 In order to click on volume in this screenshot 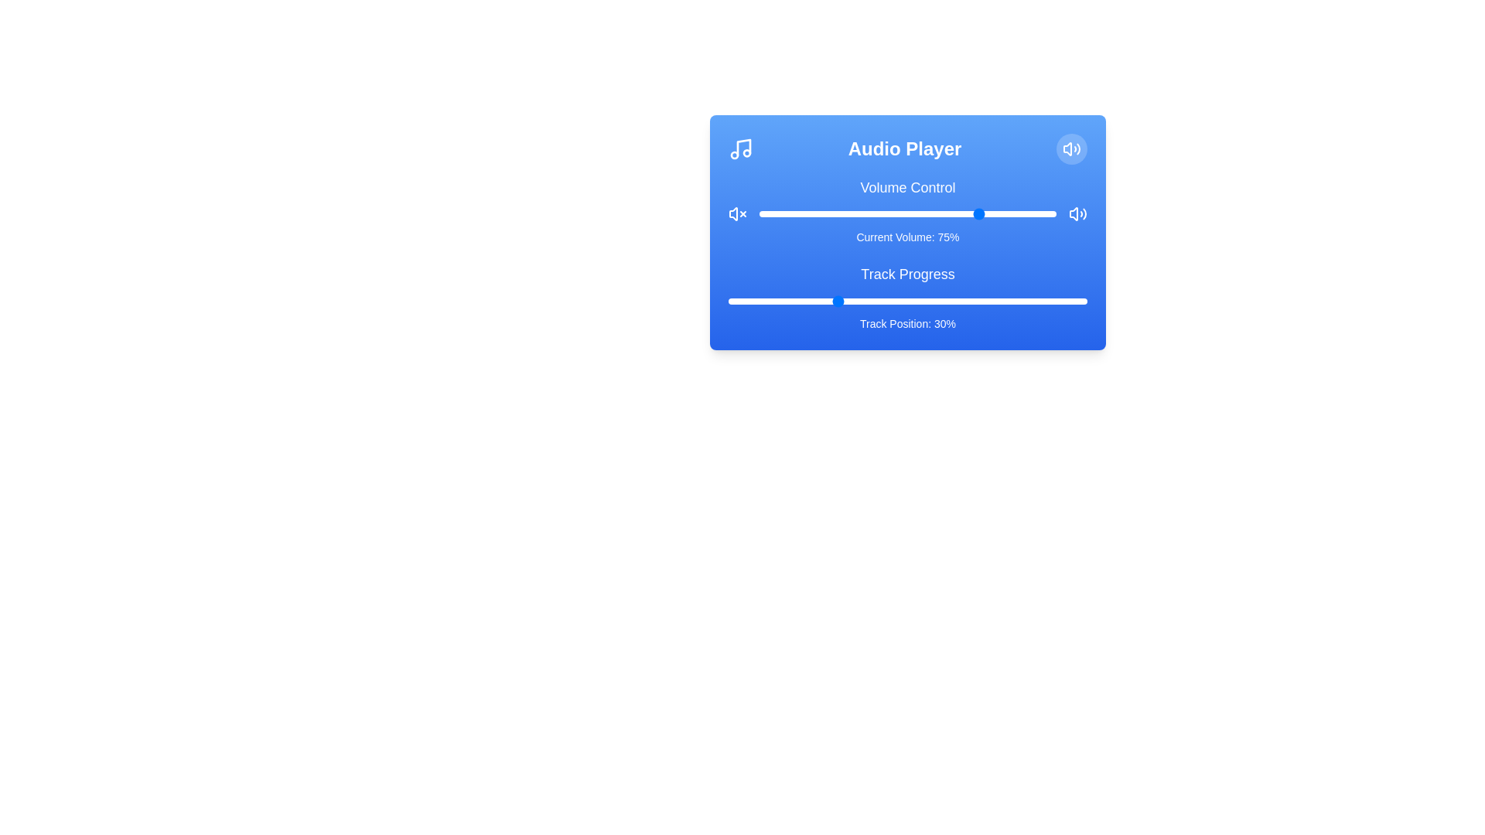, I will do `click(890, 211)`.